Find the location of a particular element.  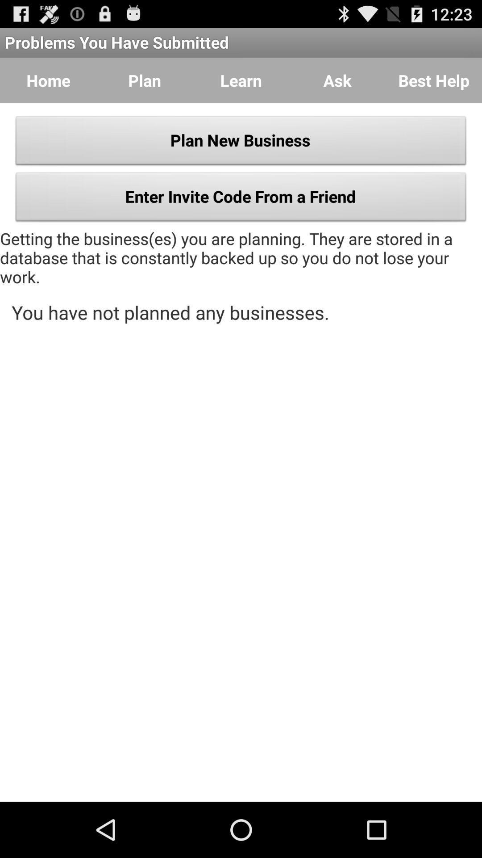

ask icon is located at coordinates (337, 80).